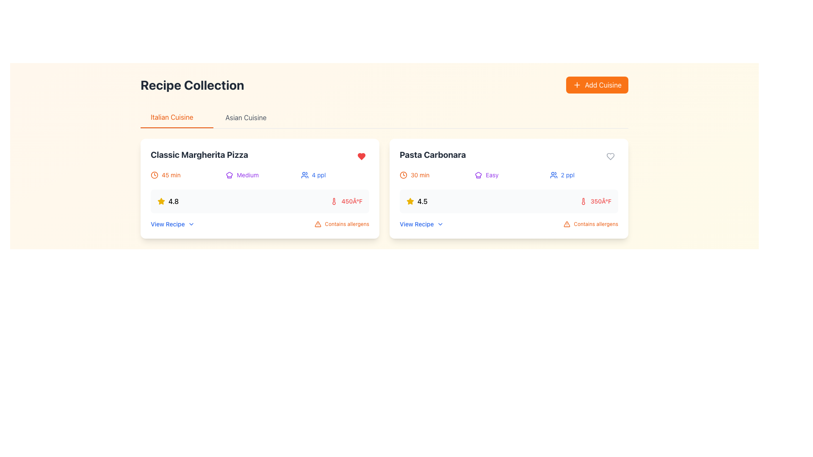 This screenshot has height=457, width=813. Describe the element at coordinates (577, 85) in the screenshot. I see `the orange plus sign icon located within the 'Add Cuisine' button to focus on the button` at that location.